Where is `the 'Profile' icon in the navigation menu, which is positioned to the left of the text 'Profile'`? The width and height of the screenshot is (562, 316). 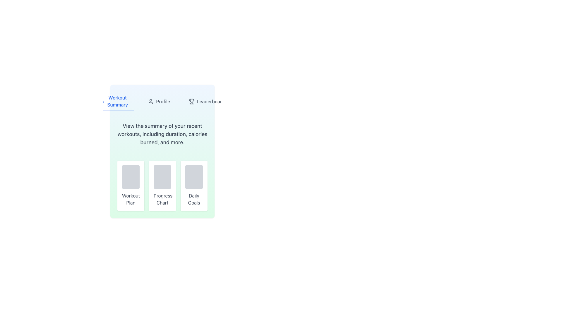
the 'Profile' icon in the navigation menu, which is positioned to the left of the text 'Profile' is located at coordinates (151, 101).